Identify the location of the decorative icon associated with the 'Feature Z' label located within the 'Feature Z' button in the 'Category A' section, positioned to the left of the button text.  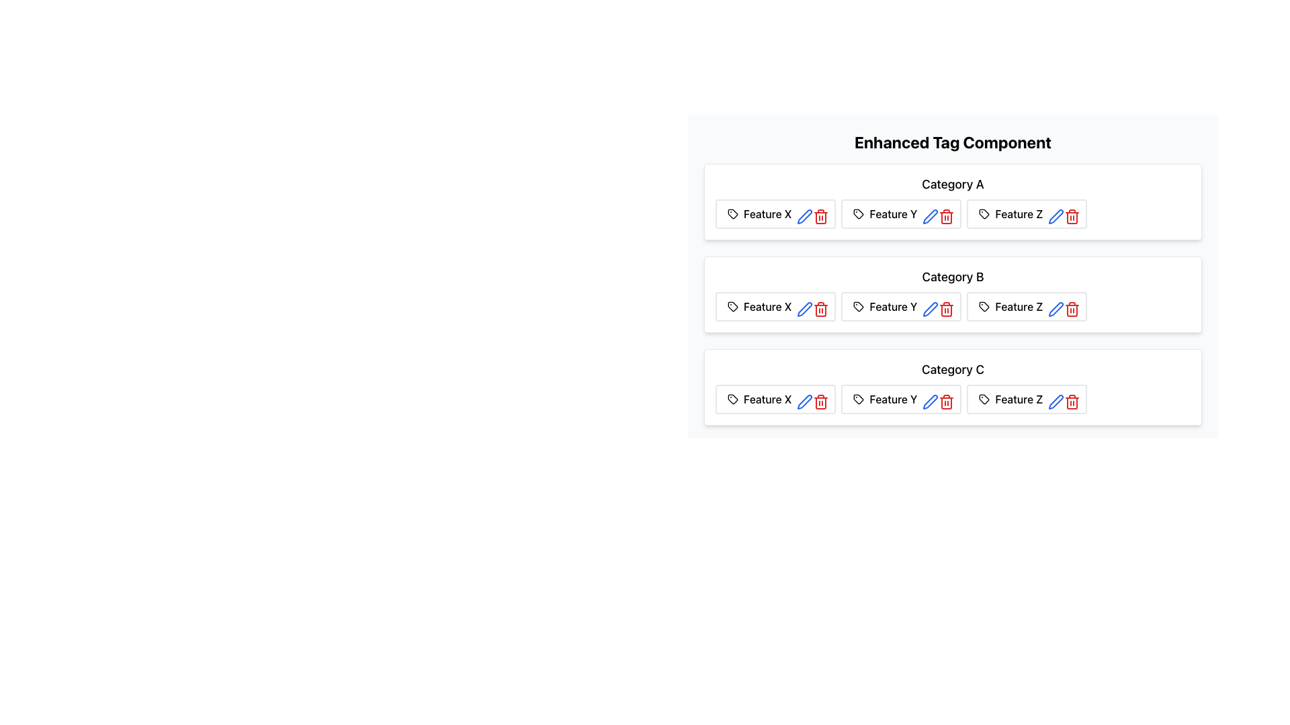
(984, 398).